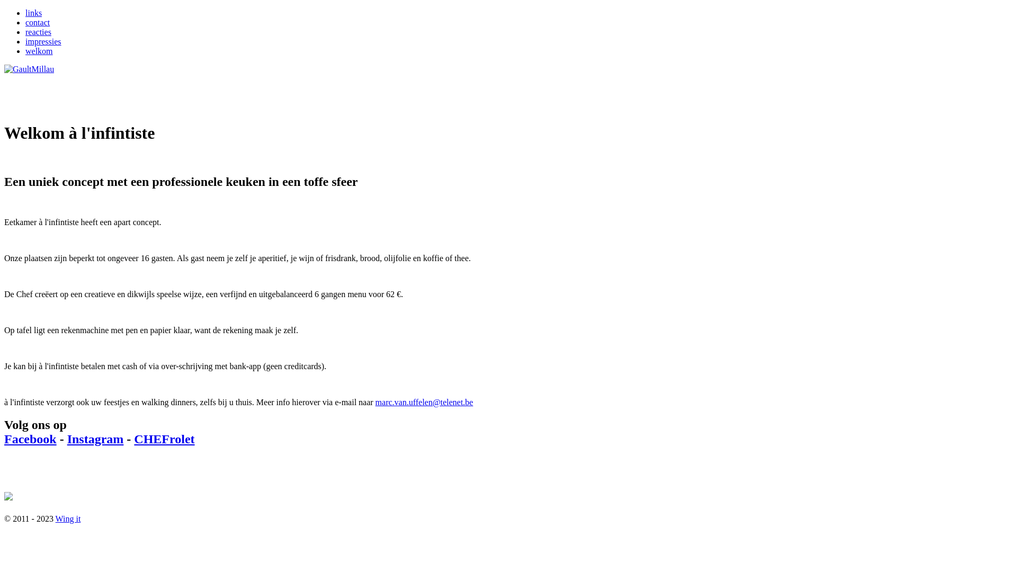 The image size is (1017, 572). What do you see at coordinates (42, 41) in the screenshot?
I see `'impressies'` at bounding box center [42, 41].